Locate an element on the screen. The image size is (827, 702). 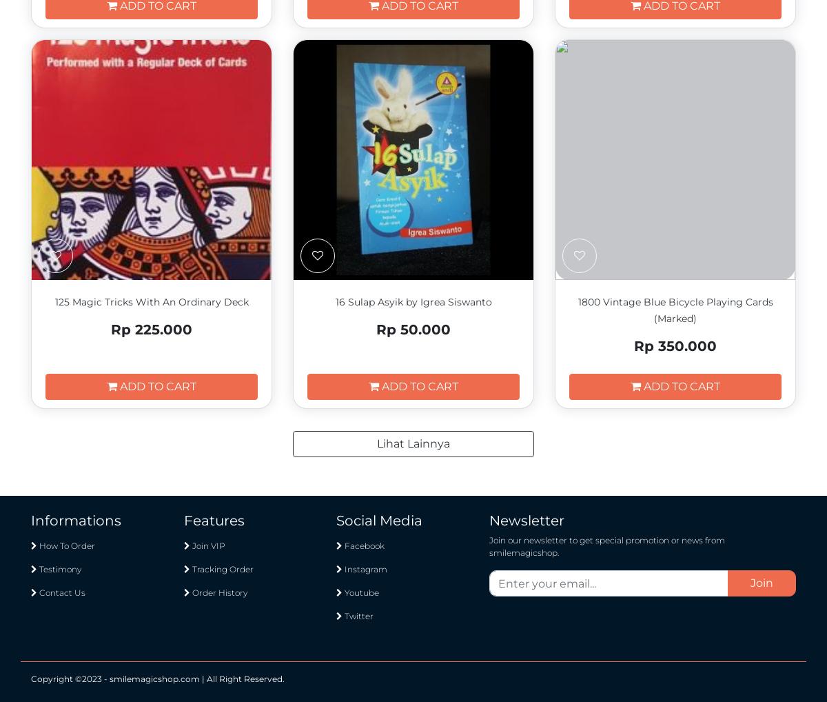
'Testimony' is located at coordinates (59, 568).